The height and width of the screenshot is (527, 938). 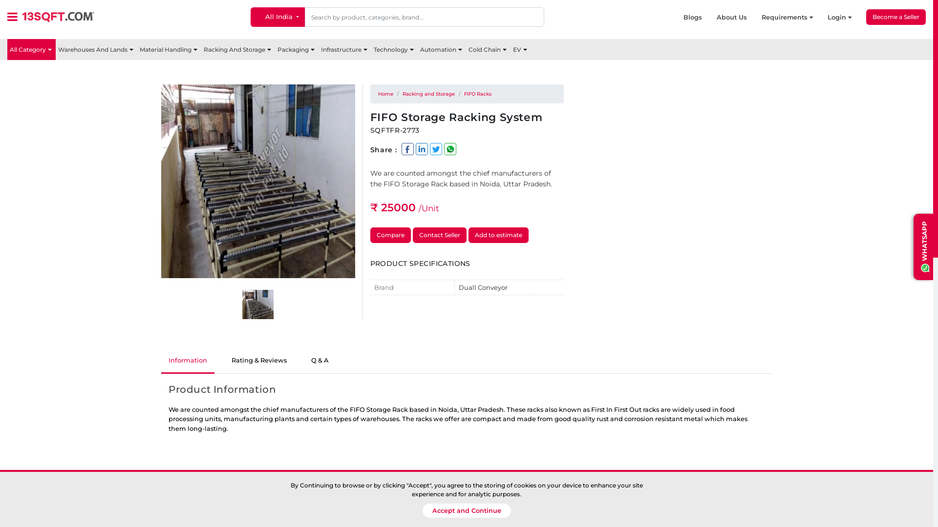 I want to click on 'Blogs', so click(x=700, y=17).